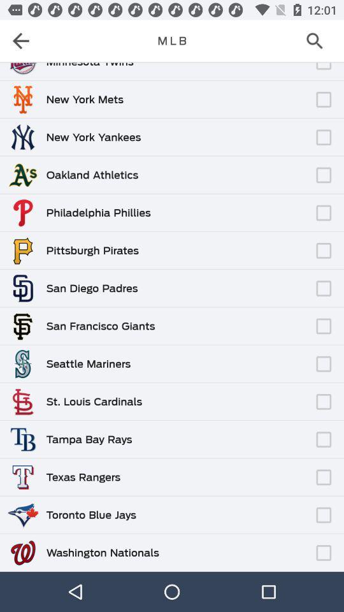  Describe the element at coordinates (220, 358) in the screenshot. I see `item next to the seattle mariners item` at that location.